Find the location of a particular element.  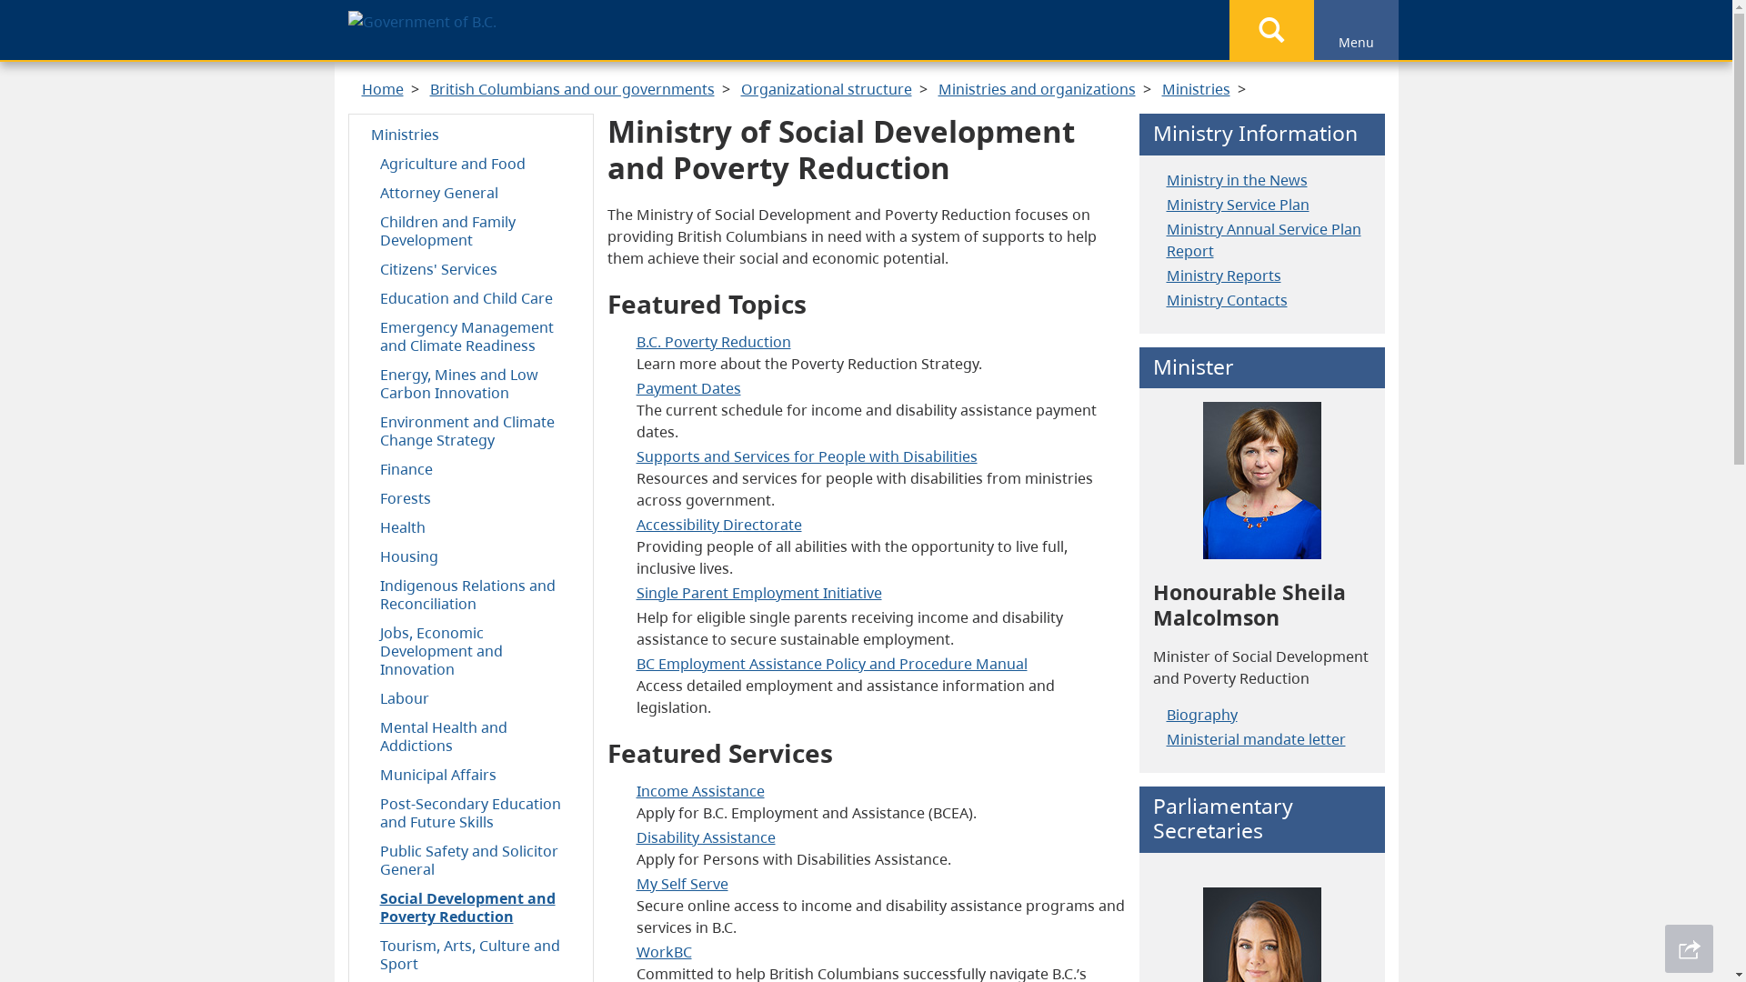

'Menu' is located at coordinates (1313, 30).